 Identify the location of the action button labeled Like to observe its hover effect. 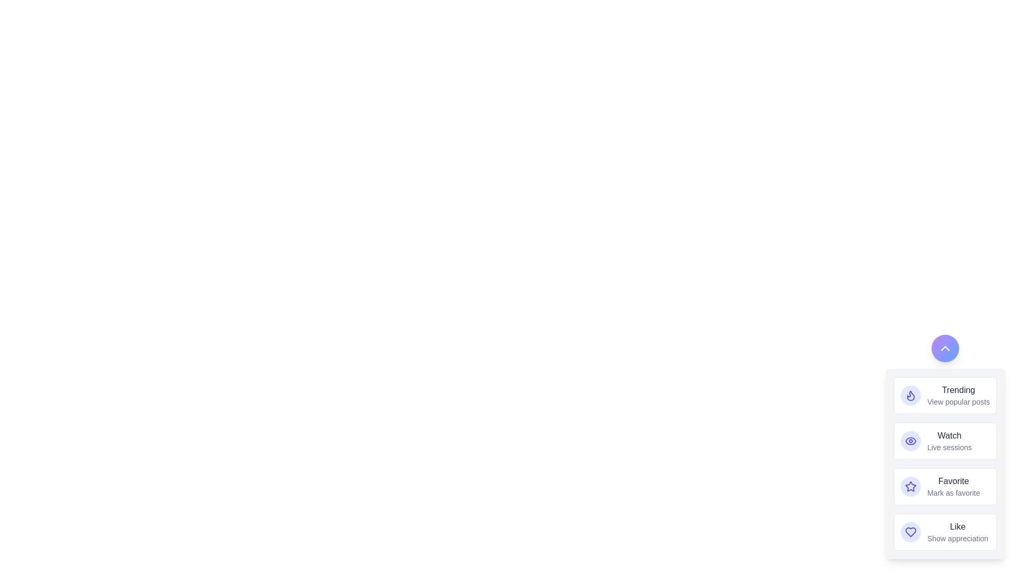
(910, 532).